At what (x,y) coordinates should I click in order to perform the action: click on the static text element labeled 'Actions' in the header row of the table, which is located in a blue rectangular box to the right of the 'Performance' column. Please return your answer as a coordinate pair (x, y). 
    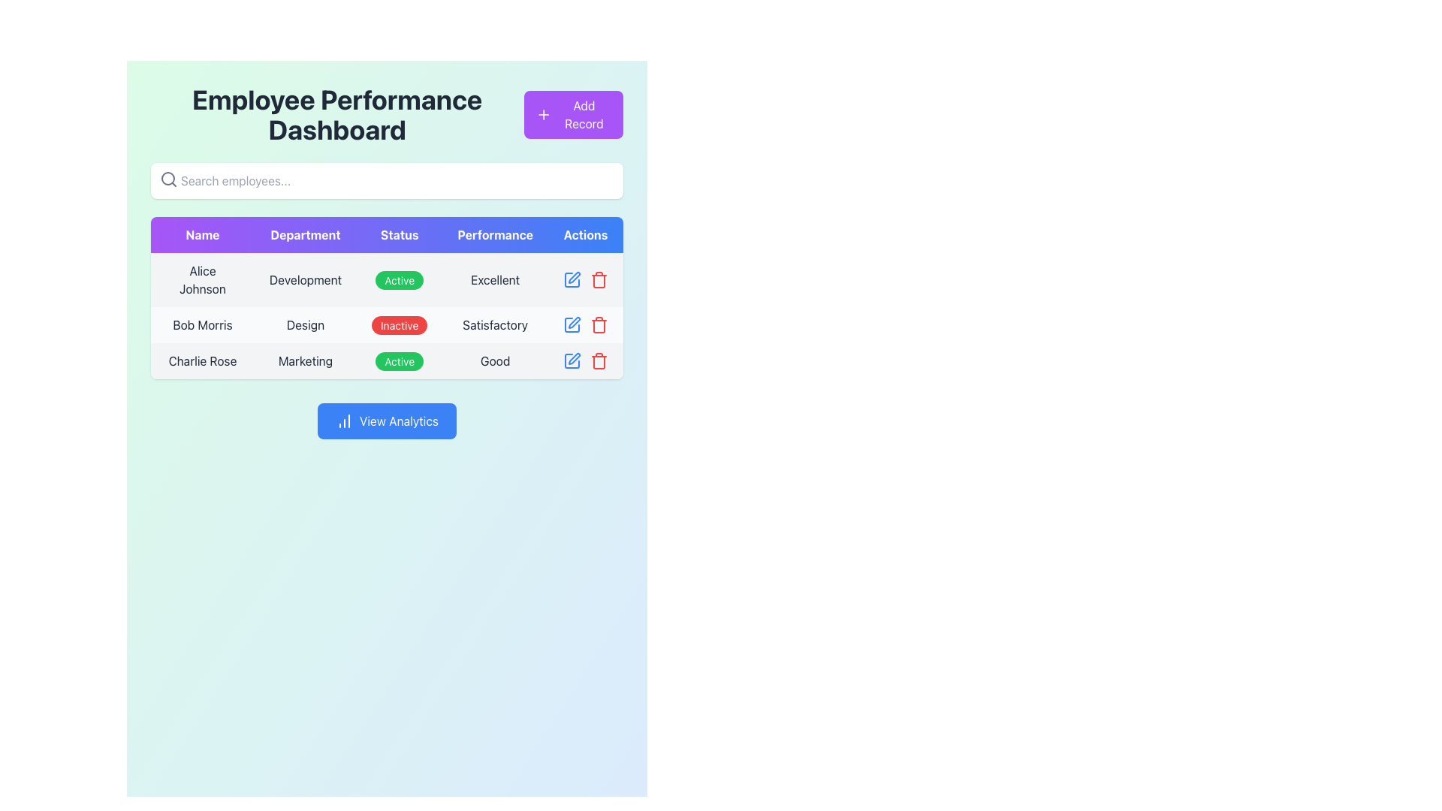
    Looking at the image, I should click on (584, 234).